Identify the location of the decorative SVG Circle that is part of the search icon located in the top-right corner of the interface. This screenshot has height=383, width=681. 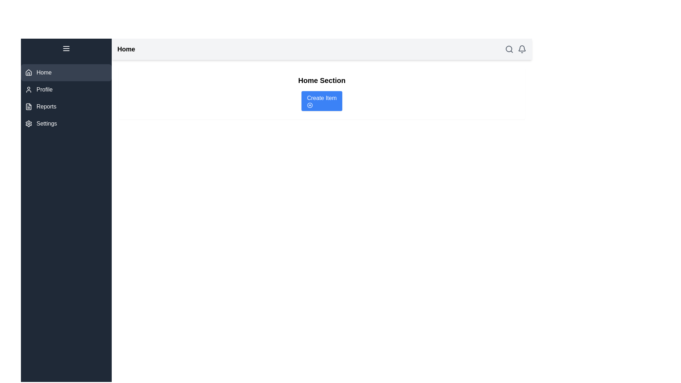
(509, 49).